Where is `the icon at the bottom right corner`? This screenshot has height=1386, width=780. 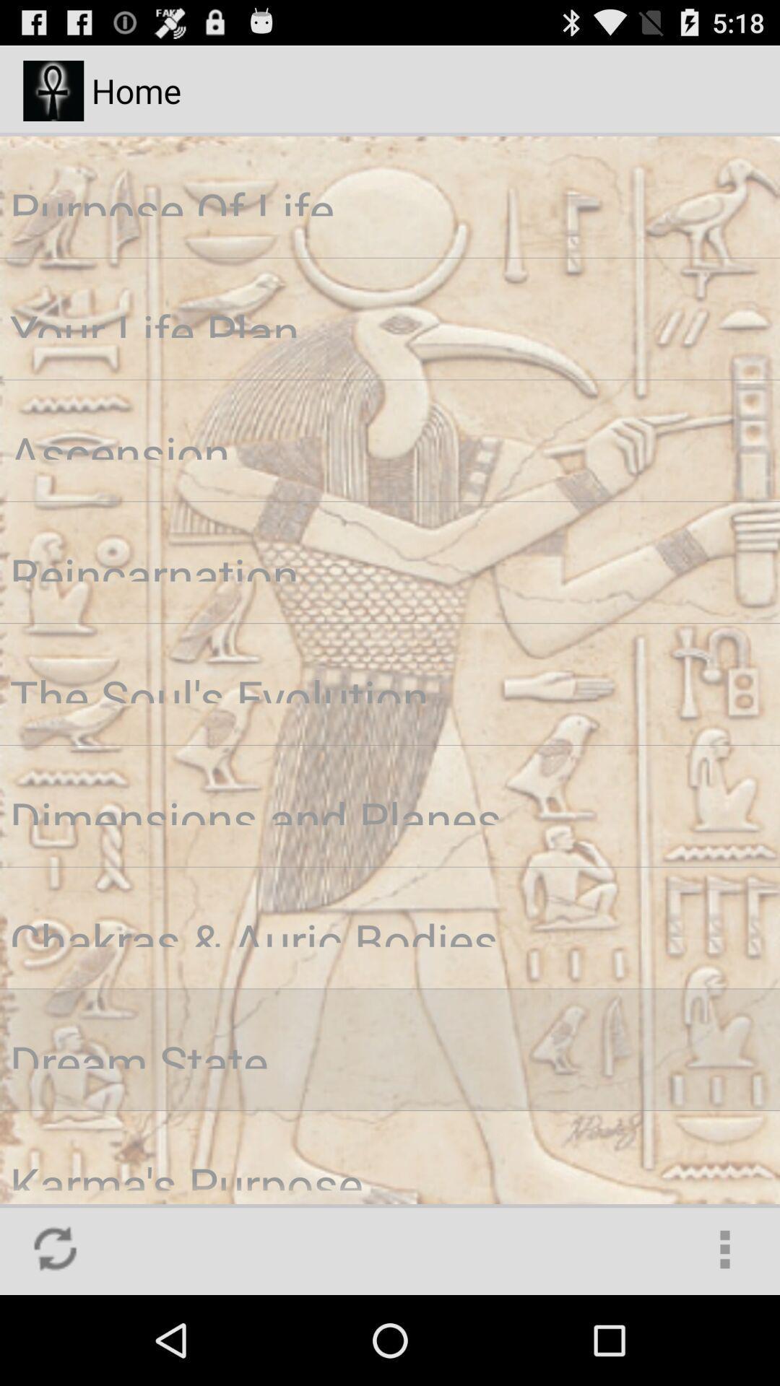 the icon at the bottom right corner is located at coordinates (724, 1249).